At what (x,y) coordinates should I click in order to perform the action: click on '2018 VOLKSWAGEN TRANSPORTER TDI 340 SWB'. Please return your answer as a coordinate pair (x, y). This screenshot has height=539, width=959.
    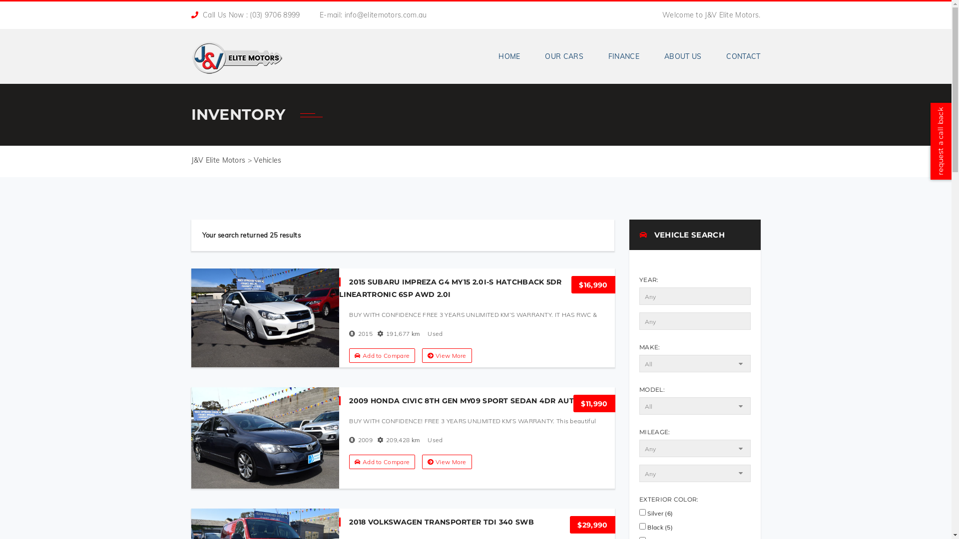
    Looking at the image, I should click on (436, 521).